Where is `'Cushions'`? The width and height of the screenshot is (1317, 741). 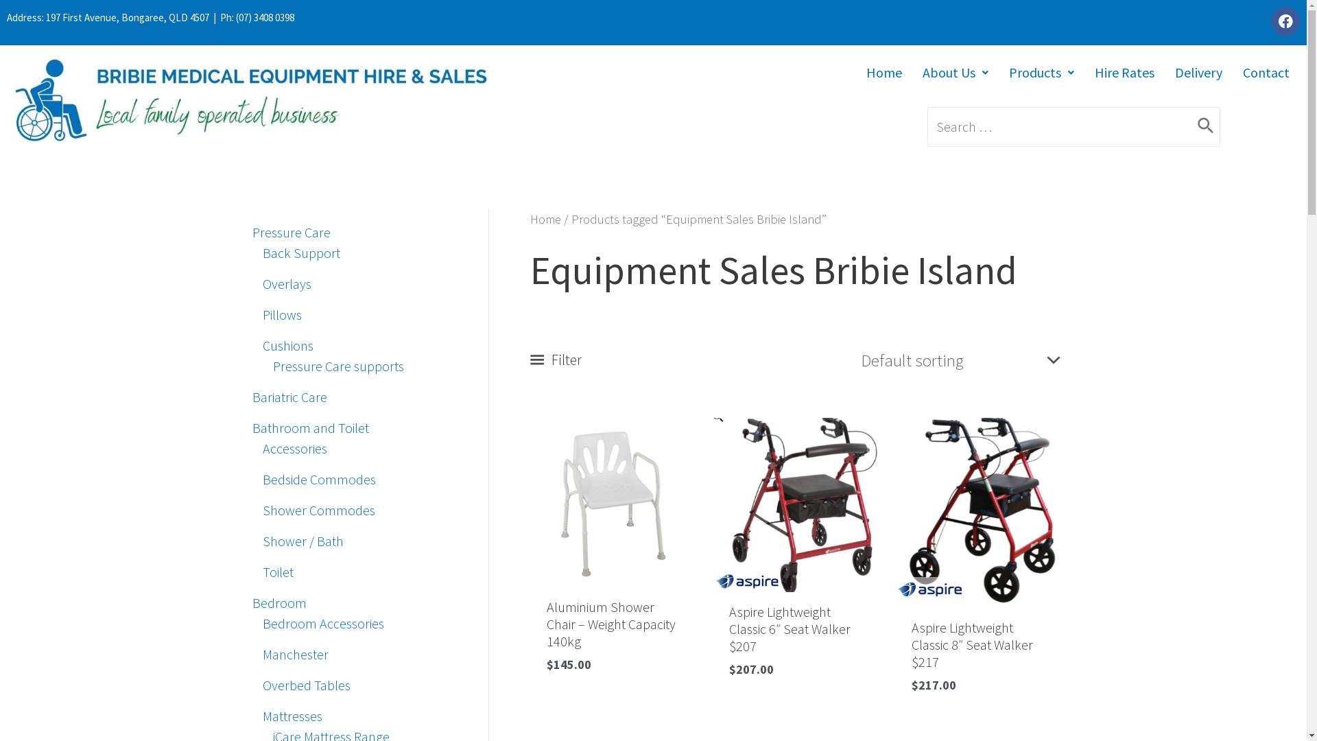 'Cushions' is located at coordinates (286, 344).